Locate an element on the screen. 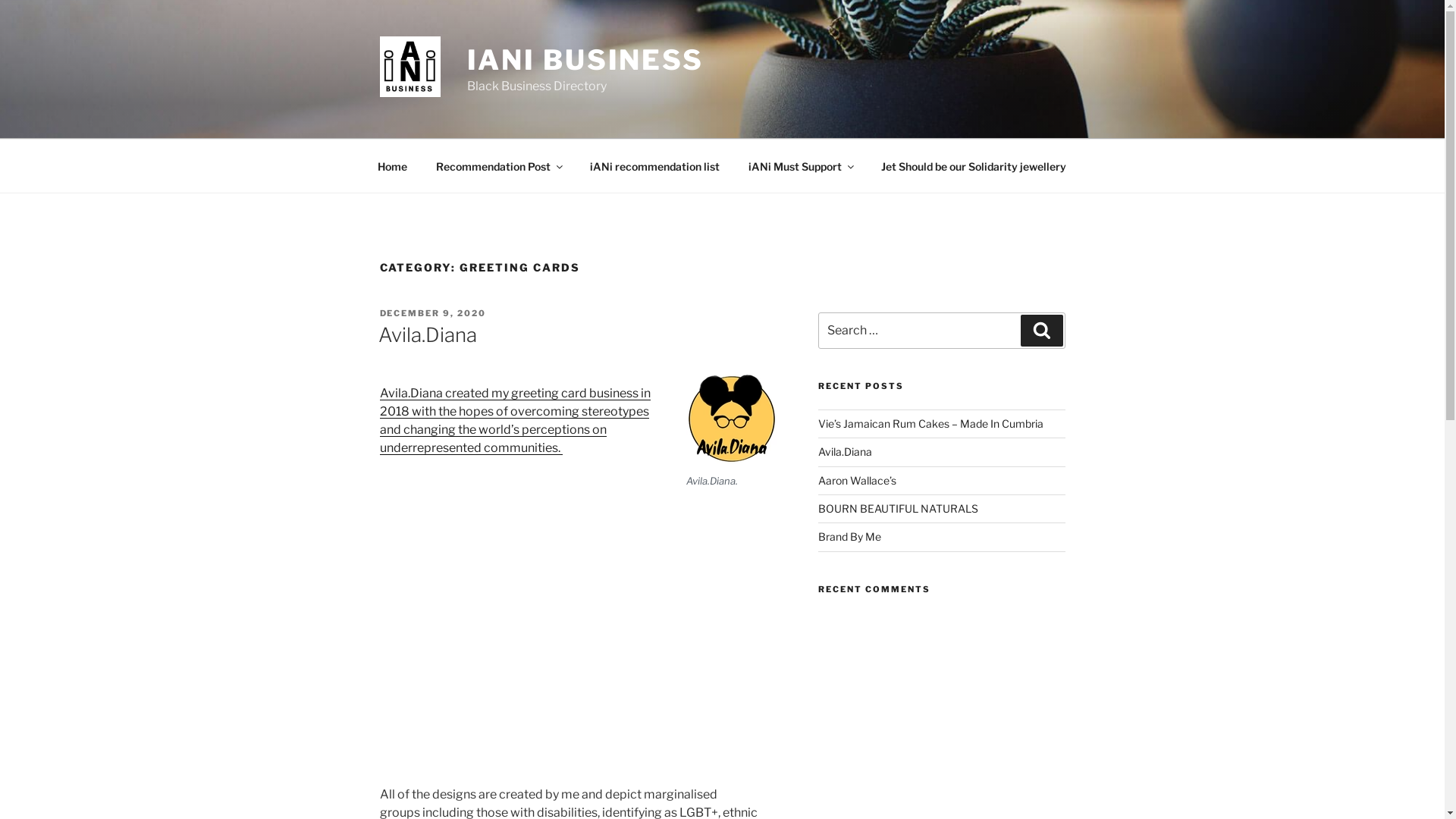 The image size is (1456, 819). 'iANi Must Support' is located at coordinates (800, 165).